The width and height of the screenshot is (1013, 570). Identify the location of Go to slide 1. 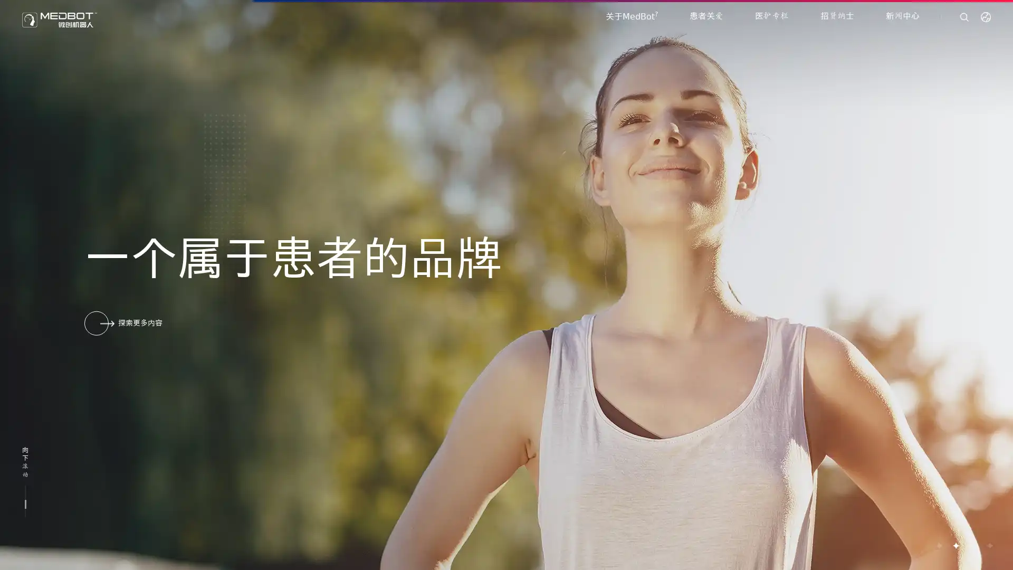
(939, 545).